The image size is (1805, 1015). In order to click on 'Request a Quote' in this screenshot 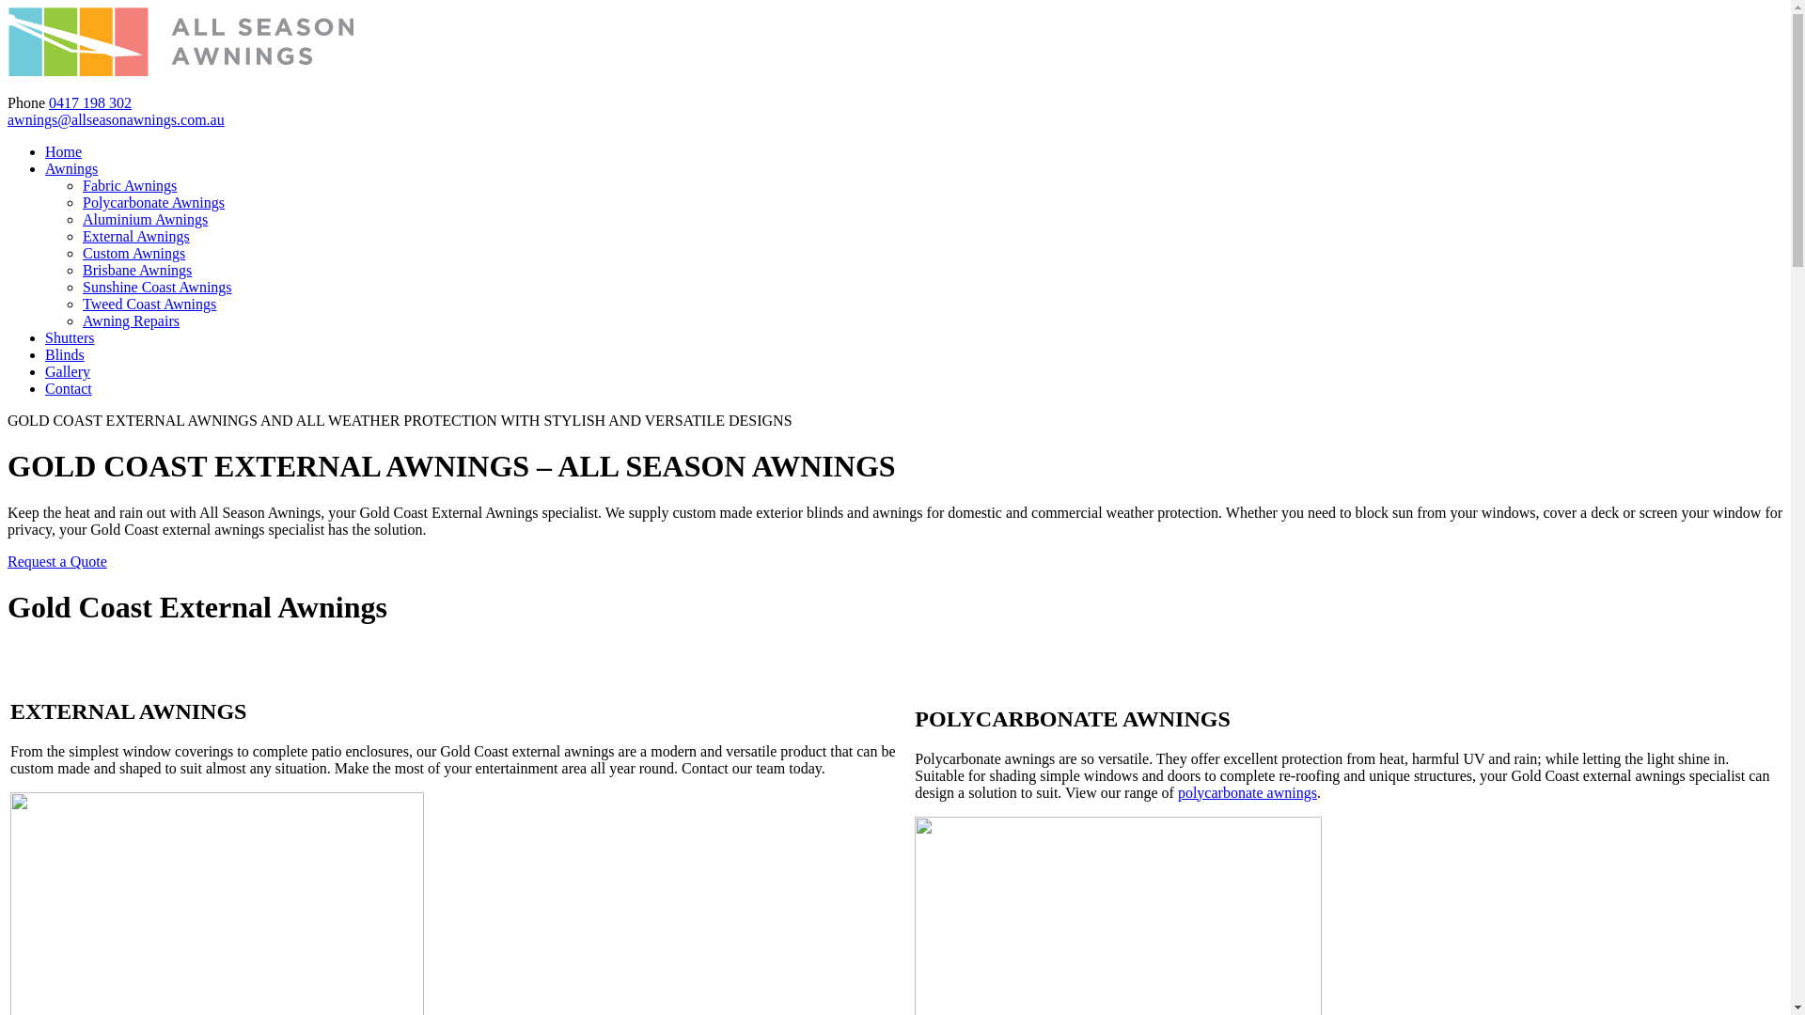, I will do `click(57, 560)`.